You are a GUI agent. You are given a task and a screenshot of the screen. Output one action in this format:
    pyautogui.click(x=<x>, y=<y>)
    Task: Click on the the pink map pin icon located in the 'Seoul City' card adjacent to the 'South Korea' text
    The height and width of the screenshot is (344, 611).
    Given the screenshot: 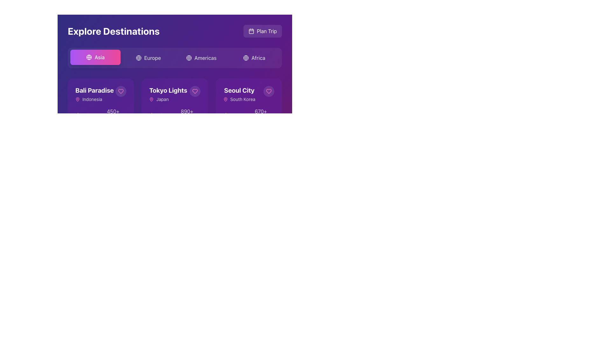 What is the action you would take?
    pyautogui.click(x=225, y=99)
    